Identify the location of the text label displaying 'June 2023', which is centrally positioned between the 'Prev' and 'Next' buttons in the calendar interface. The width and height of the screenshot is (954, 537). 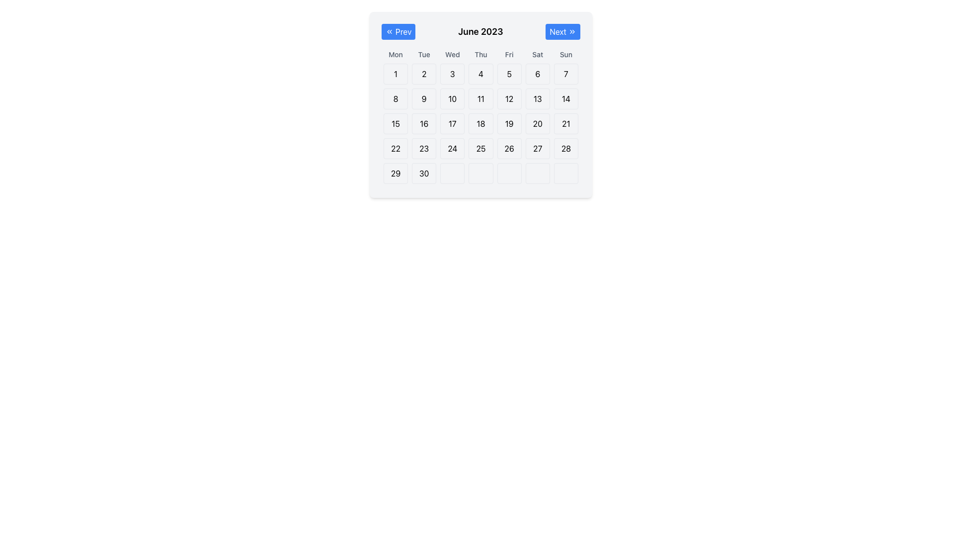
(480, 31).